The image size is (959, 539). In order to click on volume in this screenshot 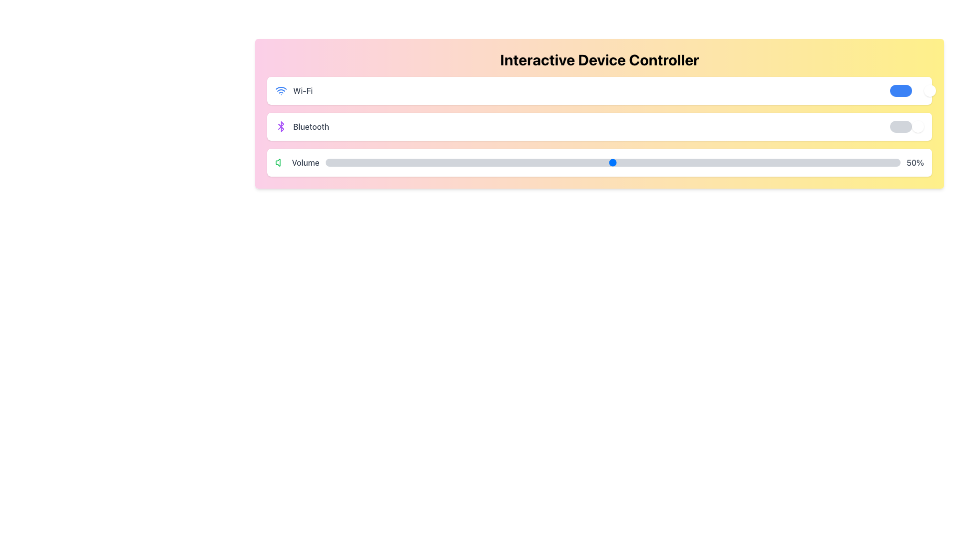, I will do `click(377, 162)`.